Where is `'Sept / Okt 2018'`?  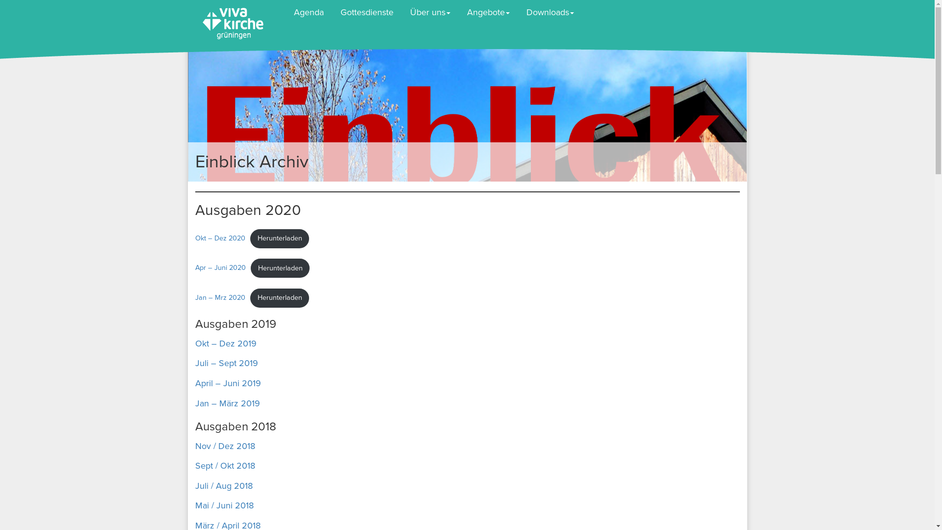
'Sept / Okt 2018' is located at coordinates (225, 465).